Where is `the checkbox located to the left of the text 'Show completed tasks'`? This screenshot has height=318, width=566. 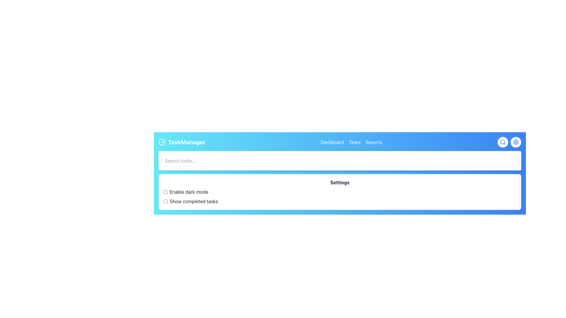
the checkbox located to the left of the text 'Show completed tasks' is located at coordinates (165, 201).